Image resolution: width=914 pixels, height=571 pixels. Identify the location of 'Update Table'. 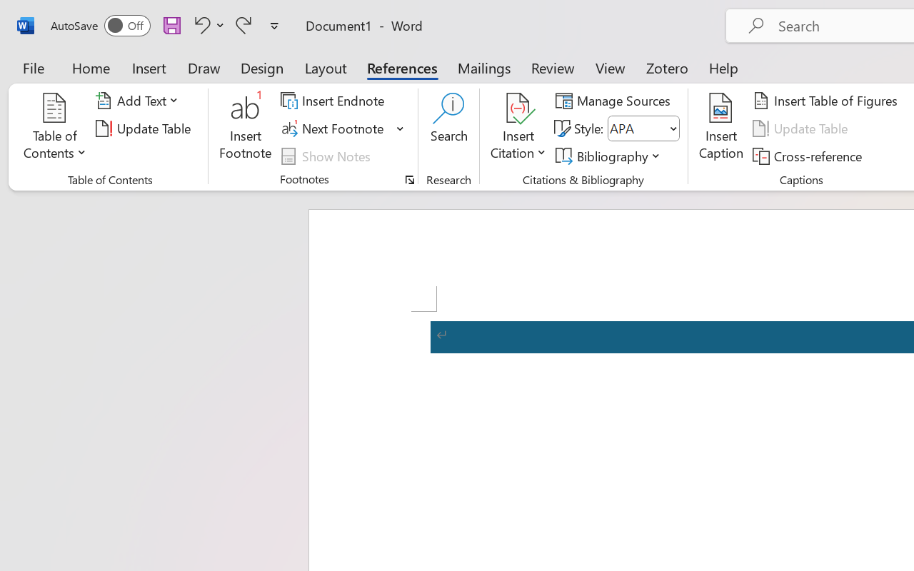
(803, 128).